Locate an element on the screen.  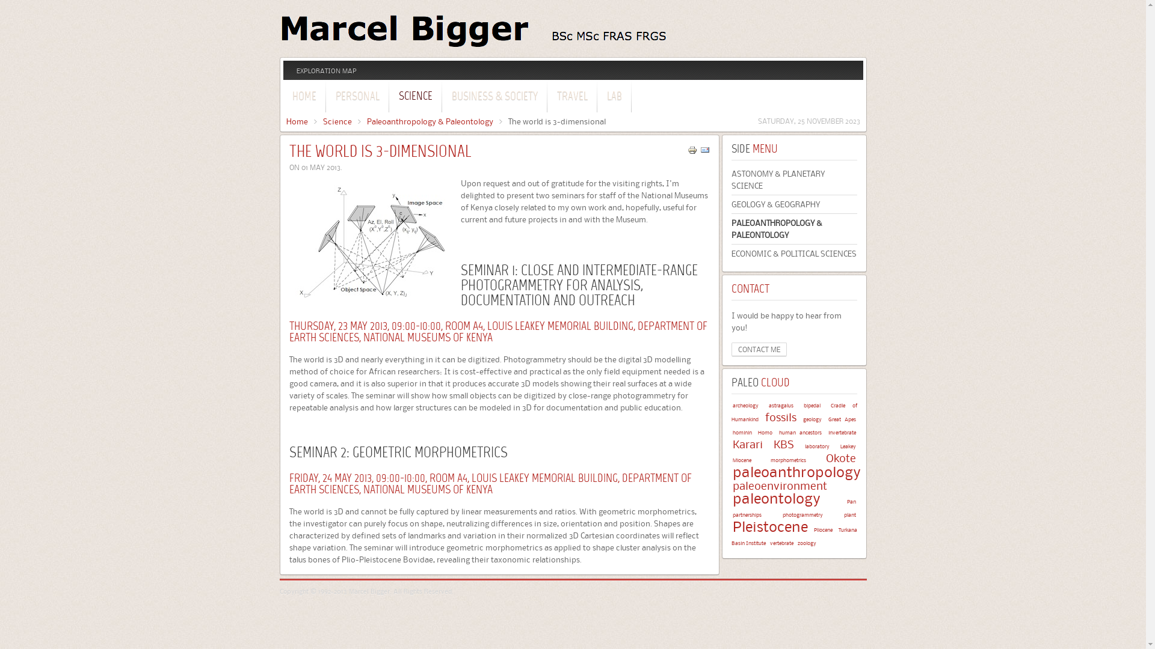
'fossils' is located at coordinates (780, 416).